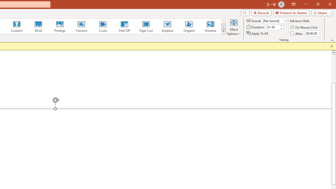  I want to click on 'Effect Options', so click(233, 27).